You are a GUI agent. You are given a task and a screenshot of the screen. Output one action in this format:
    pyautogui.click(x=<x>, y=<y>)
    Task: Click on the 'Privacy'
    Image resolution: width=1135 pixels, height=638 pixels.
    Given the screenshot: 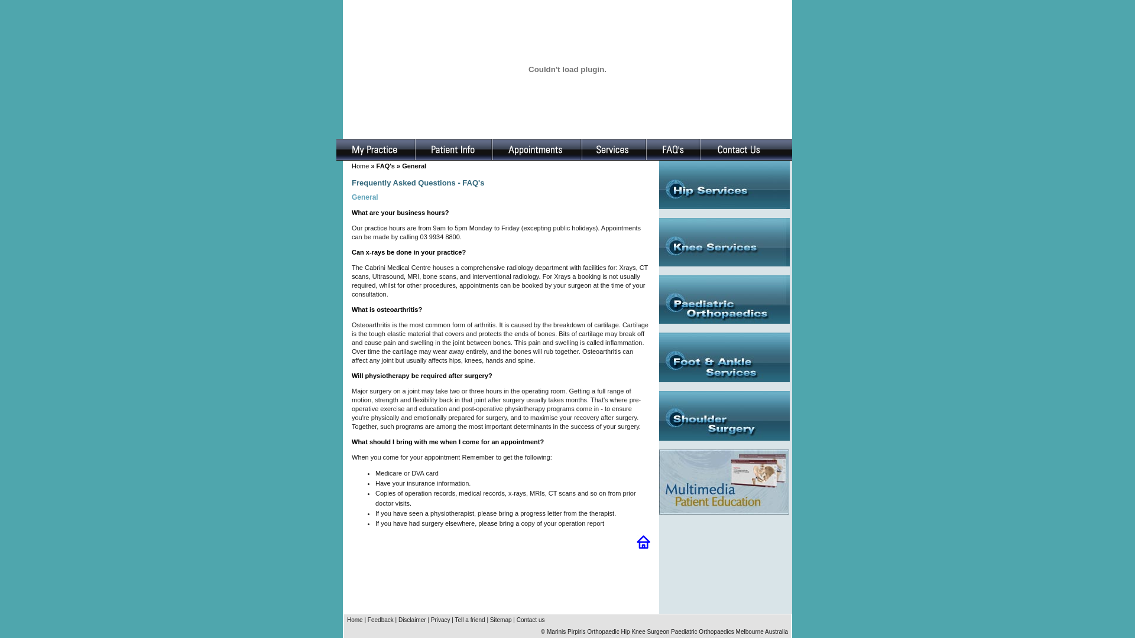 What is the action you would take?
    pyautogui.click(x=430, y=619)
    